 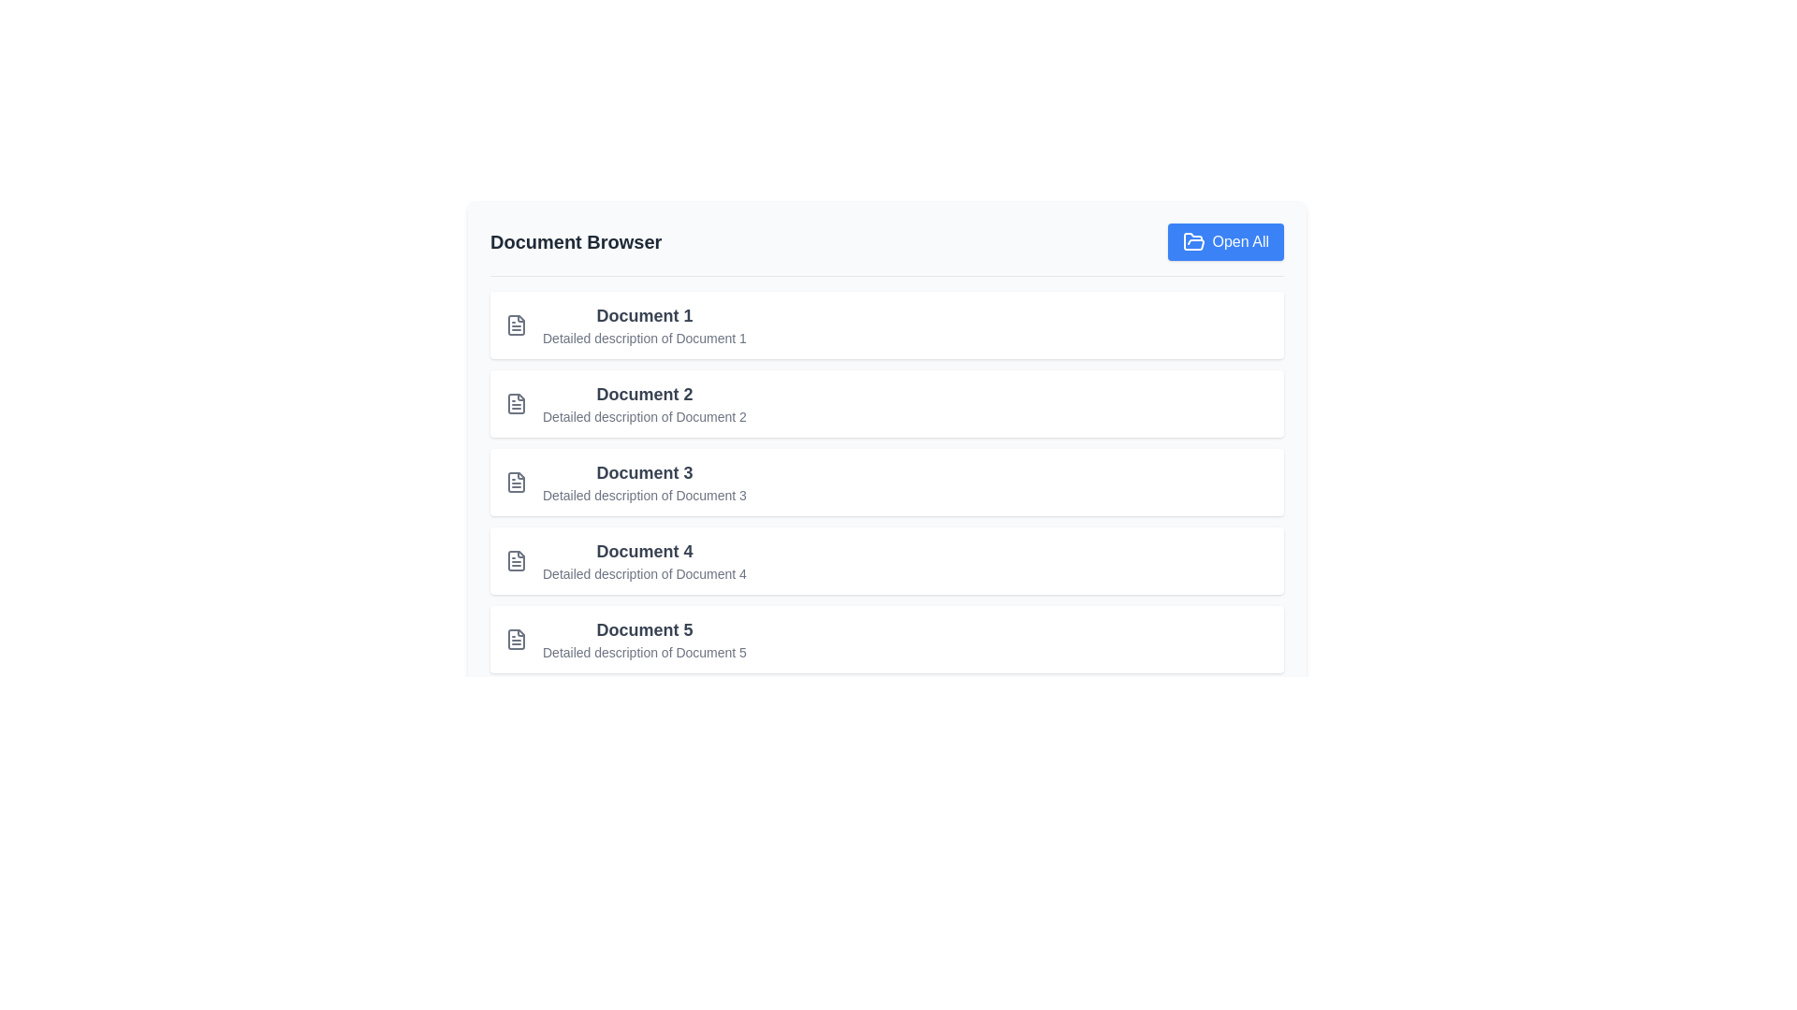 I want to click on the fourth List item card labeled 'Document 4' in the 'Document Browser' section, so click(x=886, y=560).